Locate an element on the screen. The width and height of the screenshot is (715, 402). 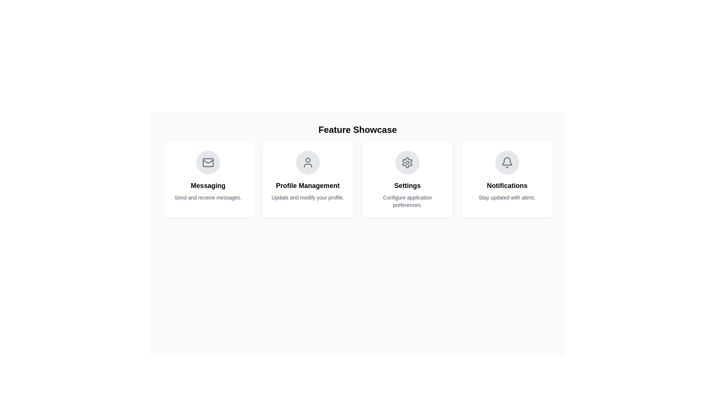
the Text Label located within the 'Messaging' content card, positioned just below the 'Messaging' title text is located at coordinates (208, 197).